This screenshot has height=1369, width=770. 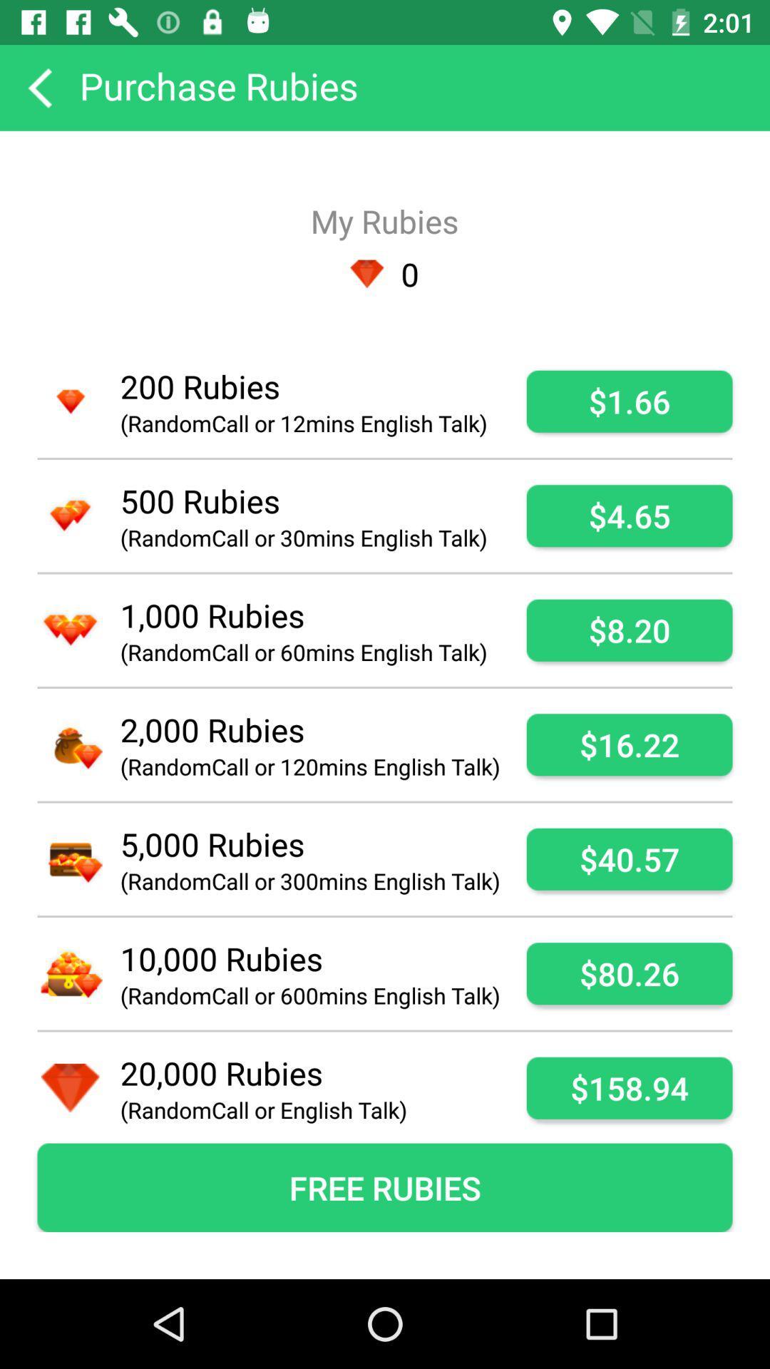 What do you see at coordinates (629, 630) in the screenshot?
I see `the icon to the right of randomcall or 60mins app` at bounding box center [629, 630].